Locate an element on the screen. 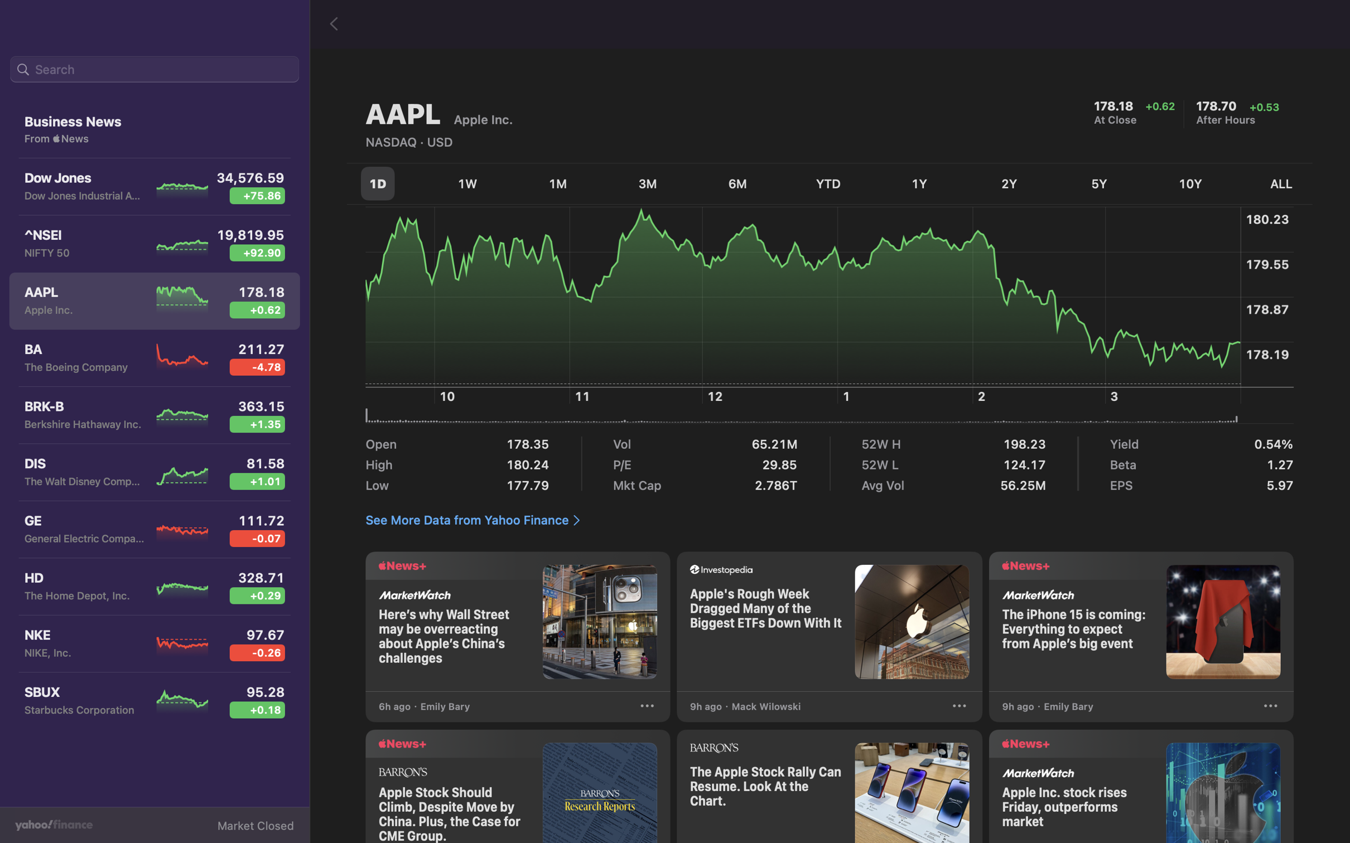  Display the variation in stock prices for the last month is located at coordinates (559, 181).